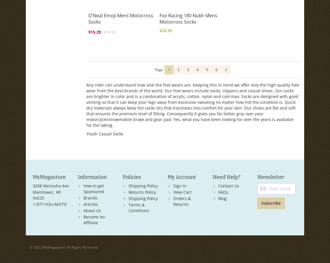  What do you see at coordinates (173, 191) in the screenshot?
I see `'View Cart'` at bounding box center [173, 191].